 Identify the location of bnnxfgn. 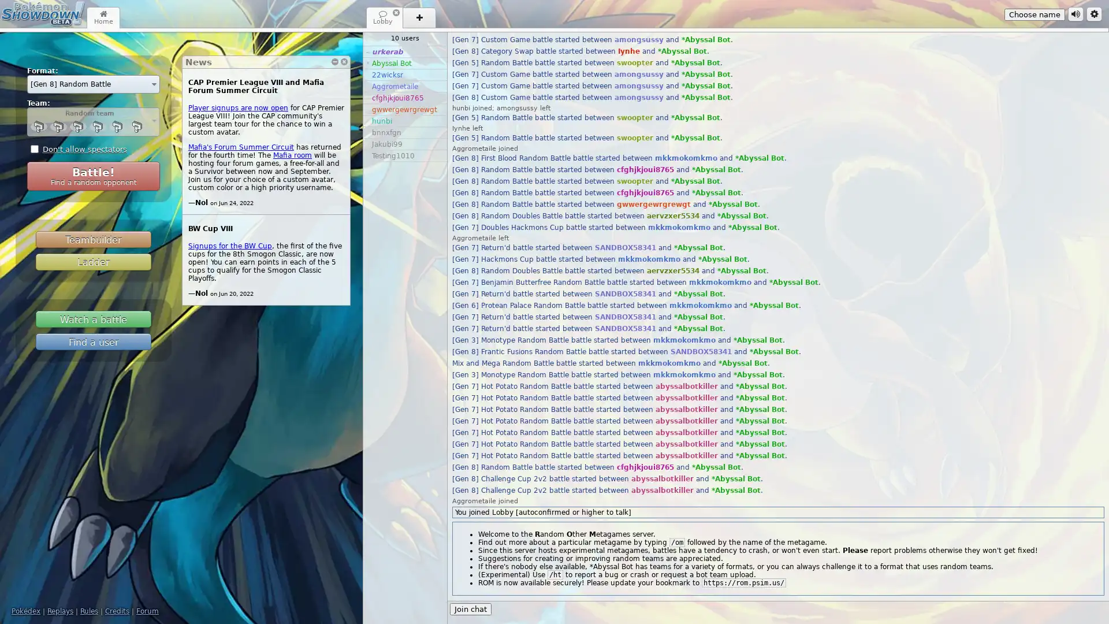
(405, 132).